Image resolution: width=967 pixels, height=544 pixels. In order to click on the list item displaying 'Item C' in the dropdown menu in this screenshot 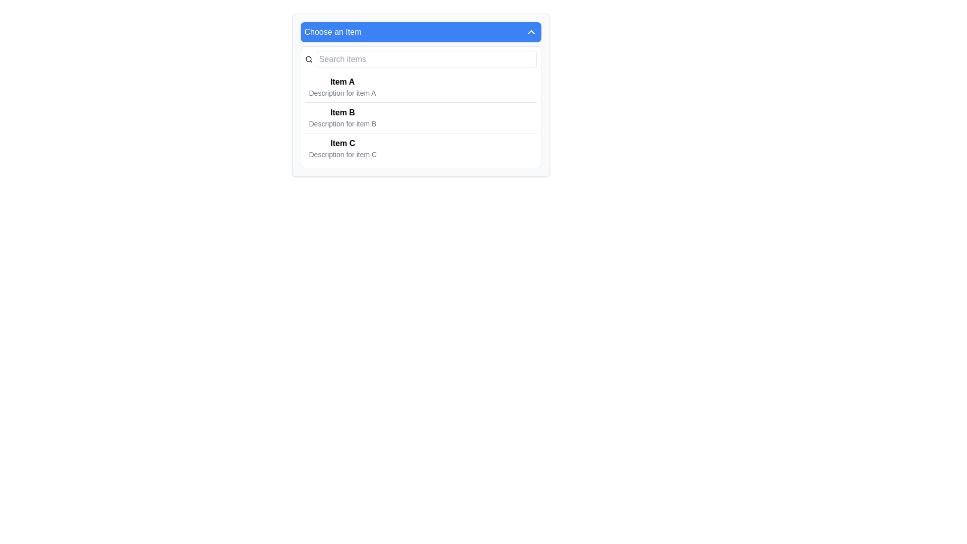, I will do `click(342, 148)`.